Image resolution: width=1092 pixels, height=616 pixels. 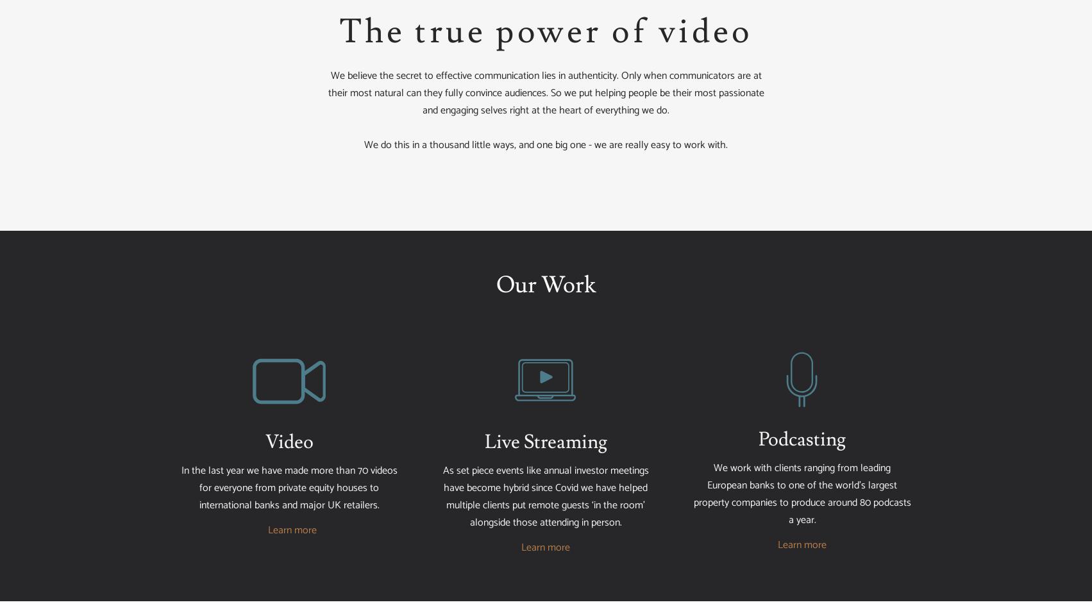 What do you see at coordinates (289, 441) in the screenshot?
I see `'Video'` at bounding box center [289, 441].